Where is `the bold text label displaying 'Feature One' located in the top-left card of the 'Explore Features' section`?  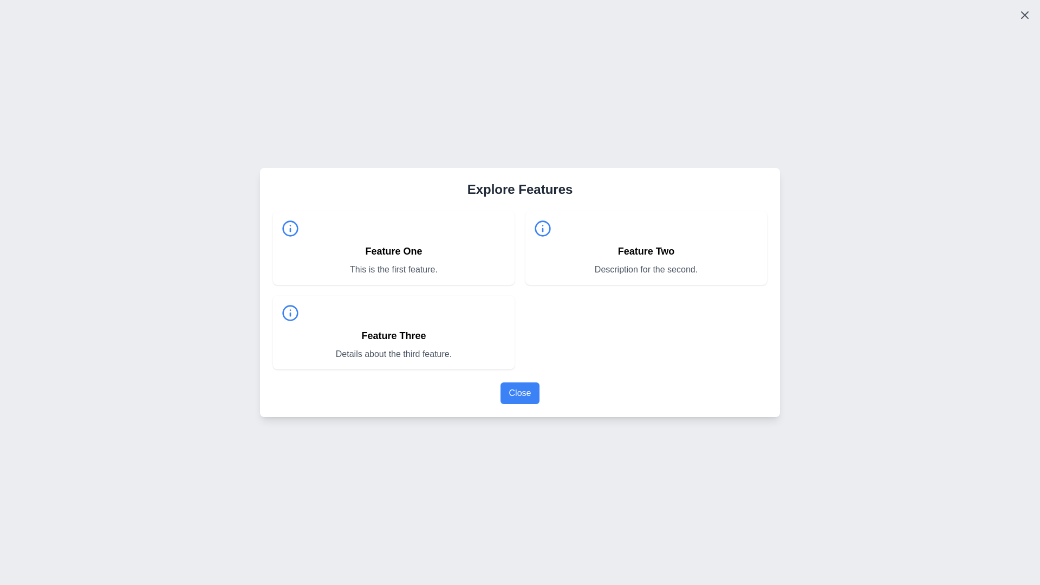 the bold text label displaying 'Feature One' located in the top-left card of the 'Explore Features' section is located at coordinates (393, 251).